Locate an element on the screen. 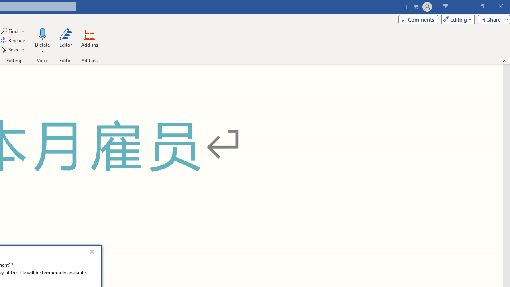  'Minimize' is located at coordinates (464, 6).